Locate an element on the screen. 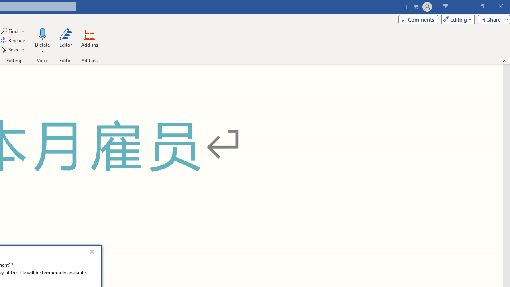  'Minimize' is located at coordinates (464, 6).